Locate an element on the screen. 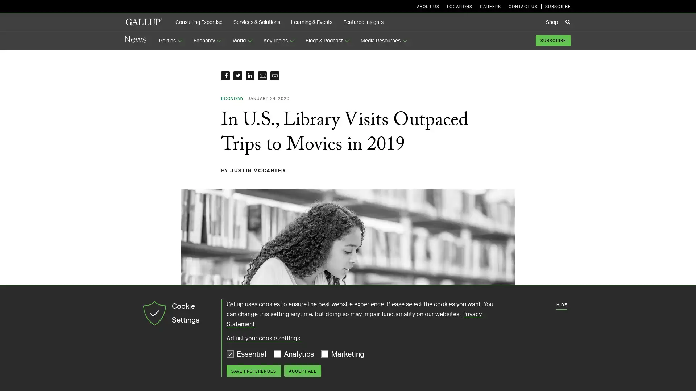  HIDE is located at coordinates (561, 305).